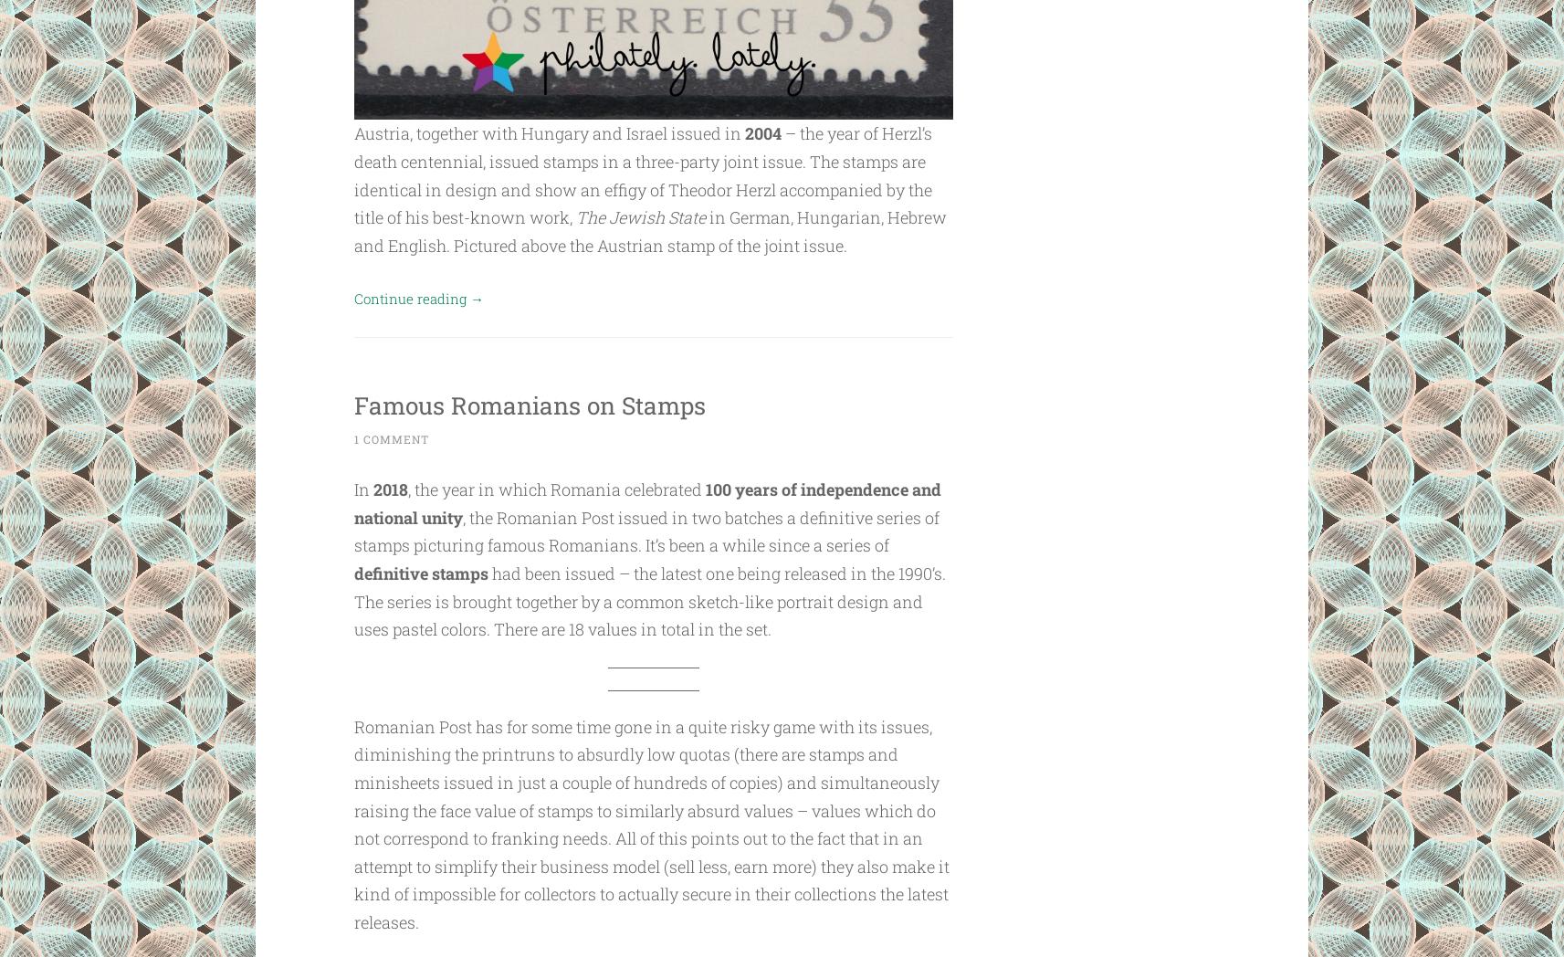 Image resolution: width=1564 pixels, height=957 pixels. I want to click on 'Continue reading', so click(422, 298).